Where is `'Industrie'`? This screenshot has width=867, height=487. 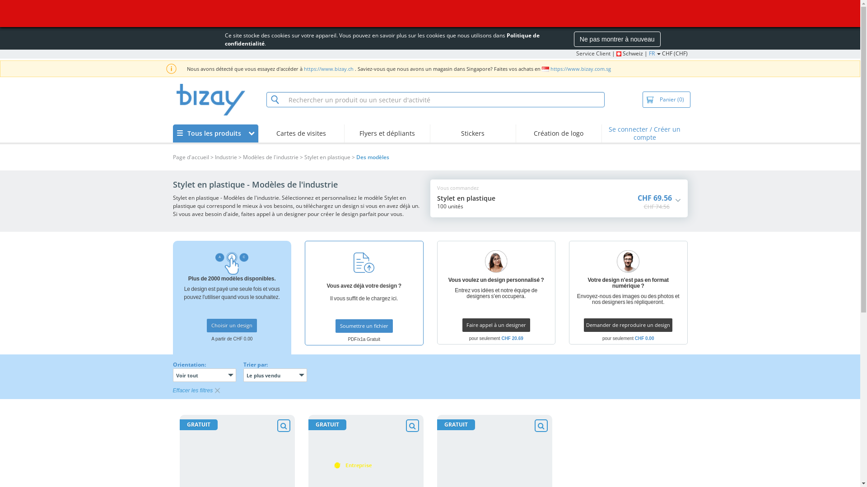 'Industrie' is located at coordinates (214, 156).